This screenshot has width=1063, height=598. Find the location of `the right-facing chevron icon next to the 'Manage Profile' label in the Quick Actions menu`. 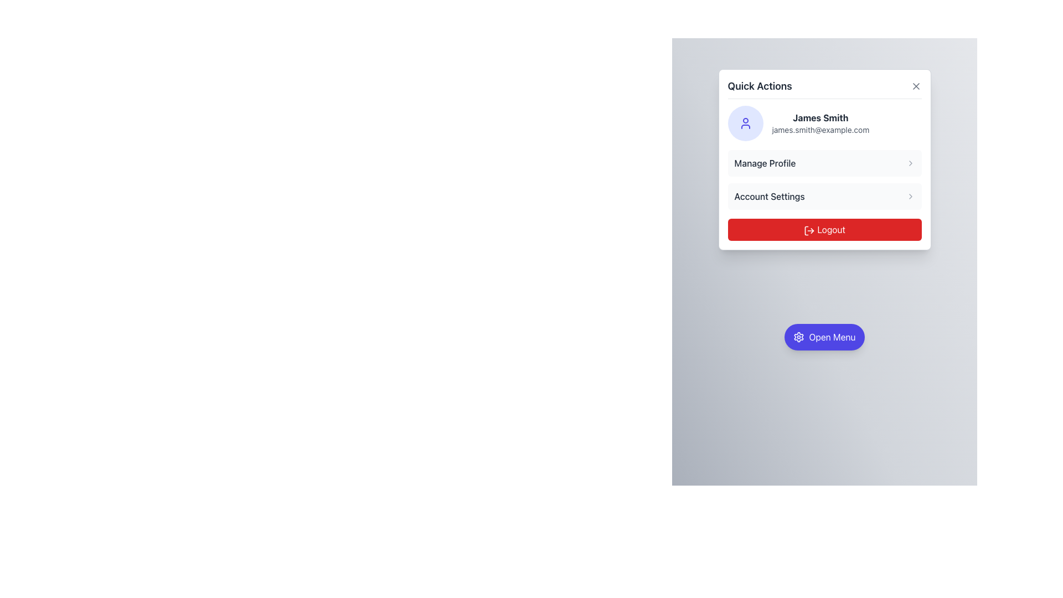

the right-facing chevron icon next to the 'Manage Profile' label in the Quick Actions menu is located at coordinates (910, 163).